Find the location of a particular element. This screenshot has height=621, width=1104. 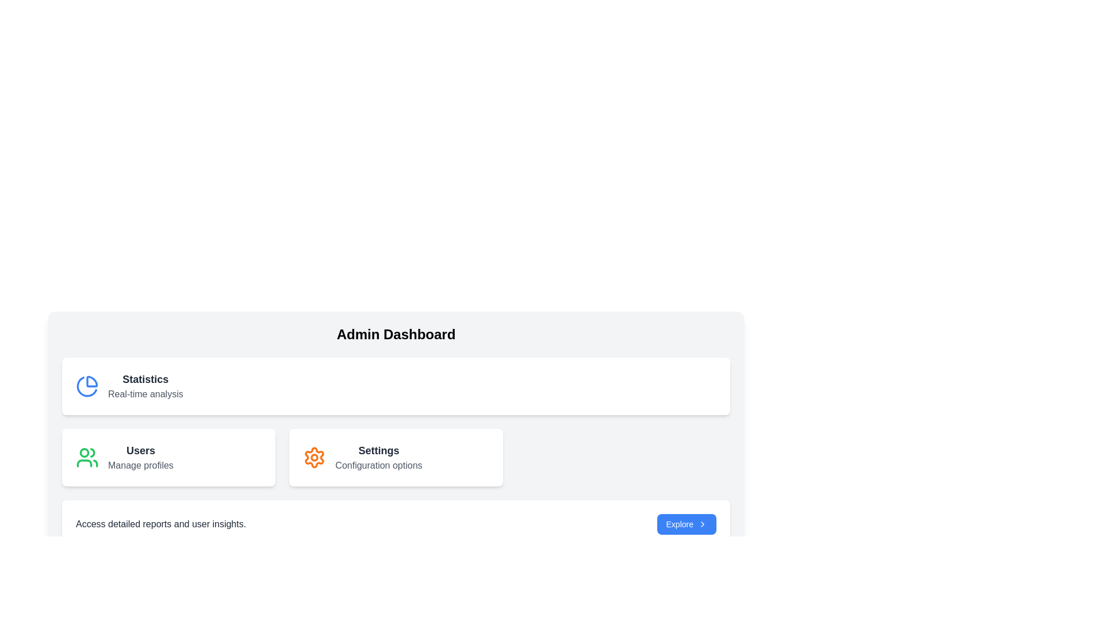

the 'Users' icon located in the dashboard card that represents user management options is located at coordinates (87, 457).